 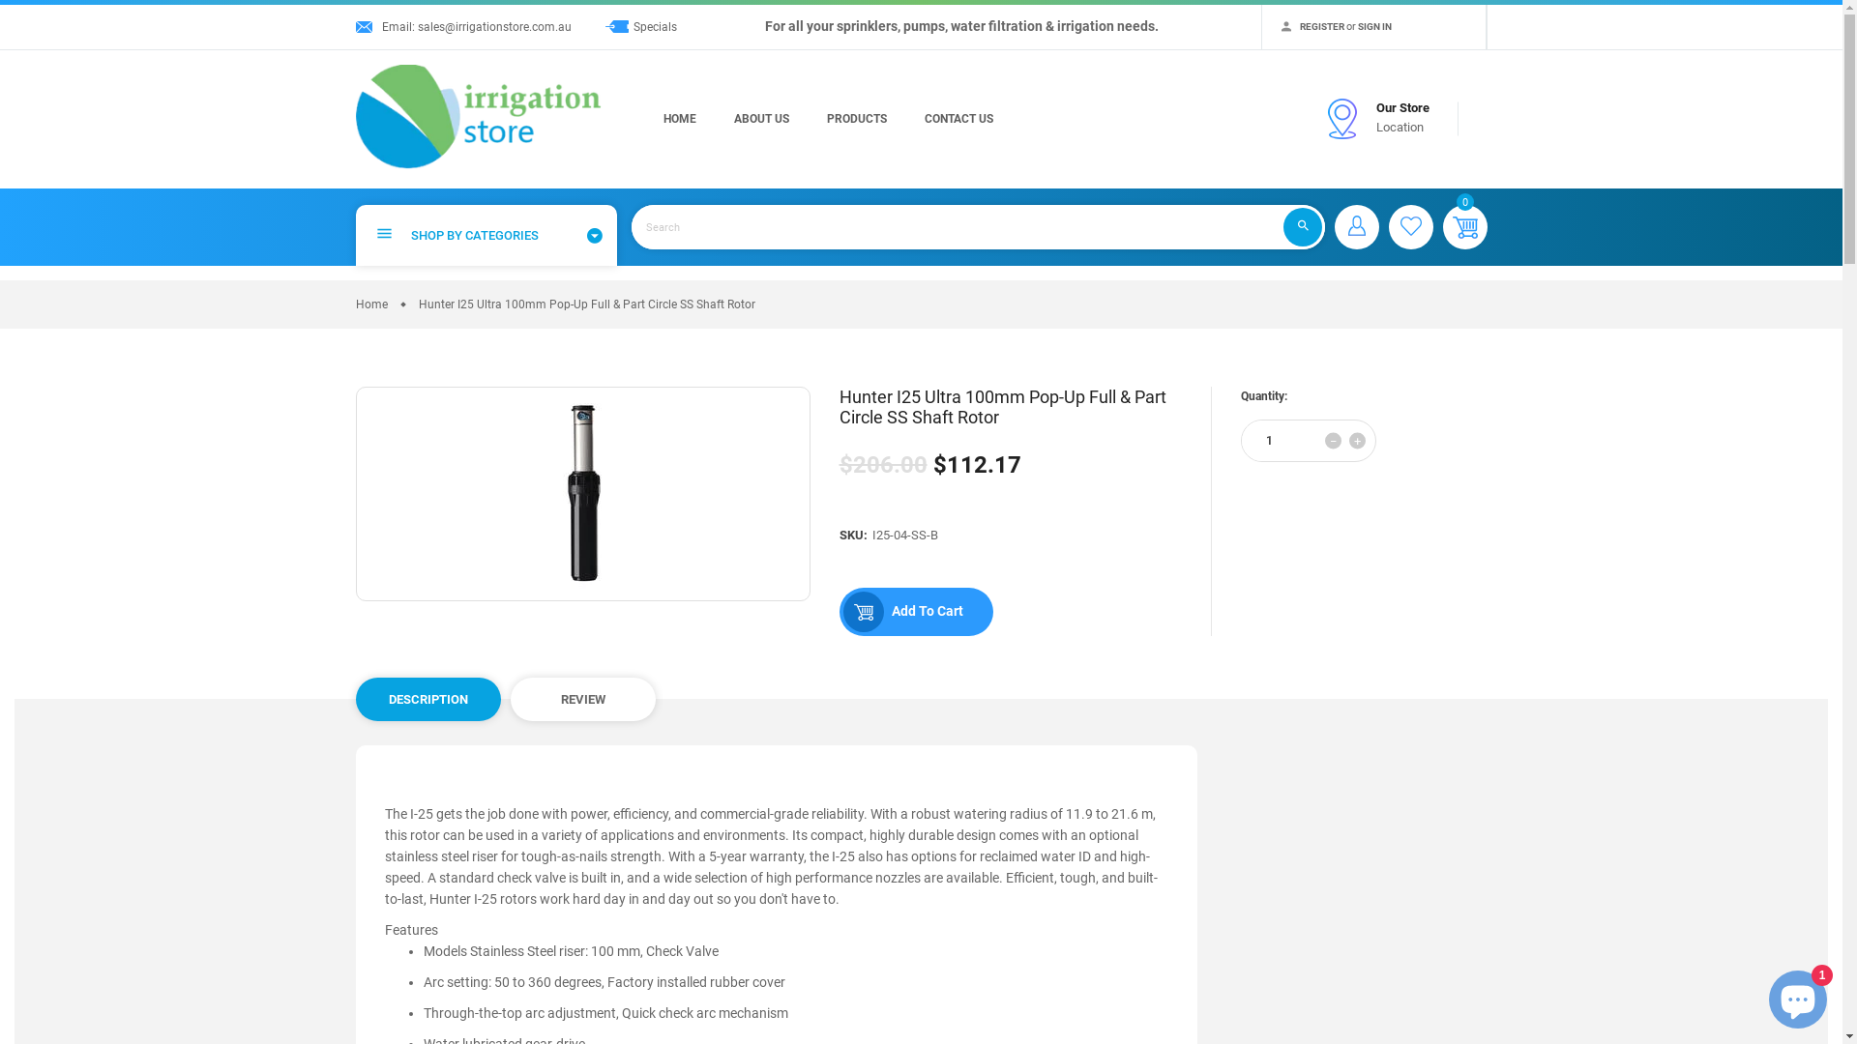 I want to click on 'CONTACT US', so click(x=958, y=119).